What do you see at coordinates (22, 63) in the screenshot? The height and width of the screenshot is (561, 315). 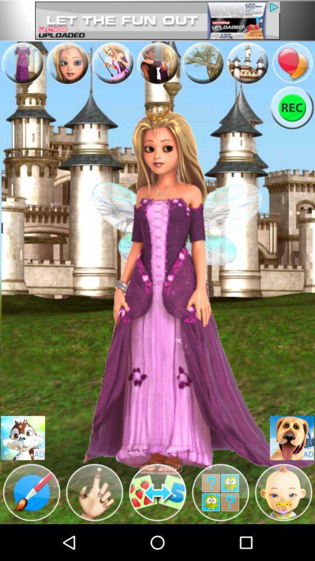 I see `opens dress menu` at bounding box center [22, 63].